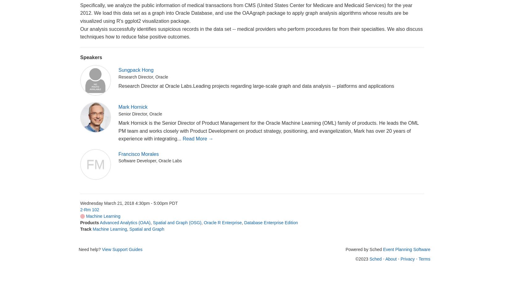 The width and height of the screenshot is (509, 308). Describe the element at coordinates (271, 222) in the screenshot. I see `'Database Enterprise Edition'` at that location.